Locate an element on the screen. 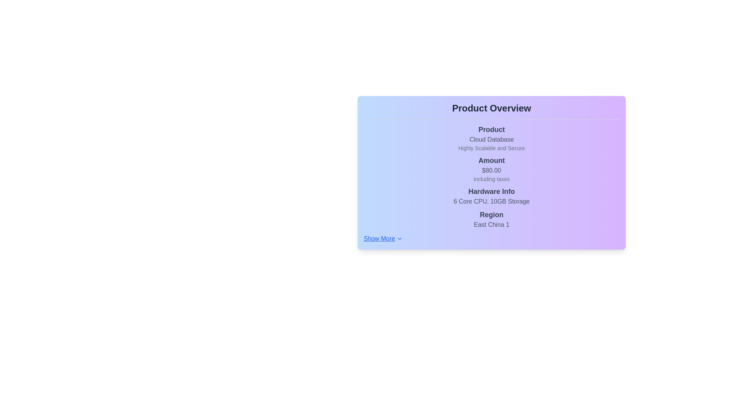 Image resolution: width=743 pixels, height=418 pixels. the bold-text styled word 'Product' which is located near the top-center of the 'Product Overview' section, transitioning from a blue to purple gradient background is located at coordinates (491, 129).